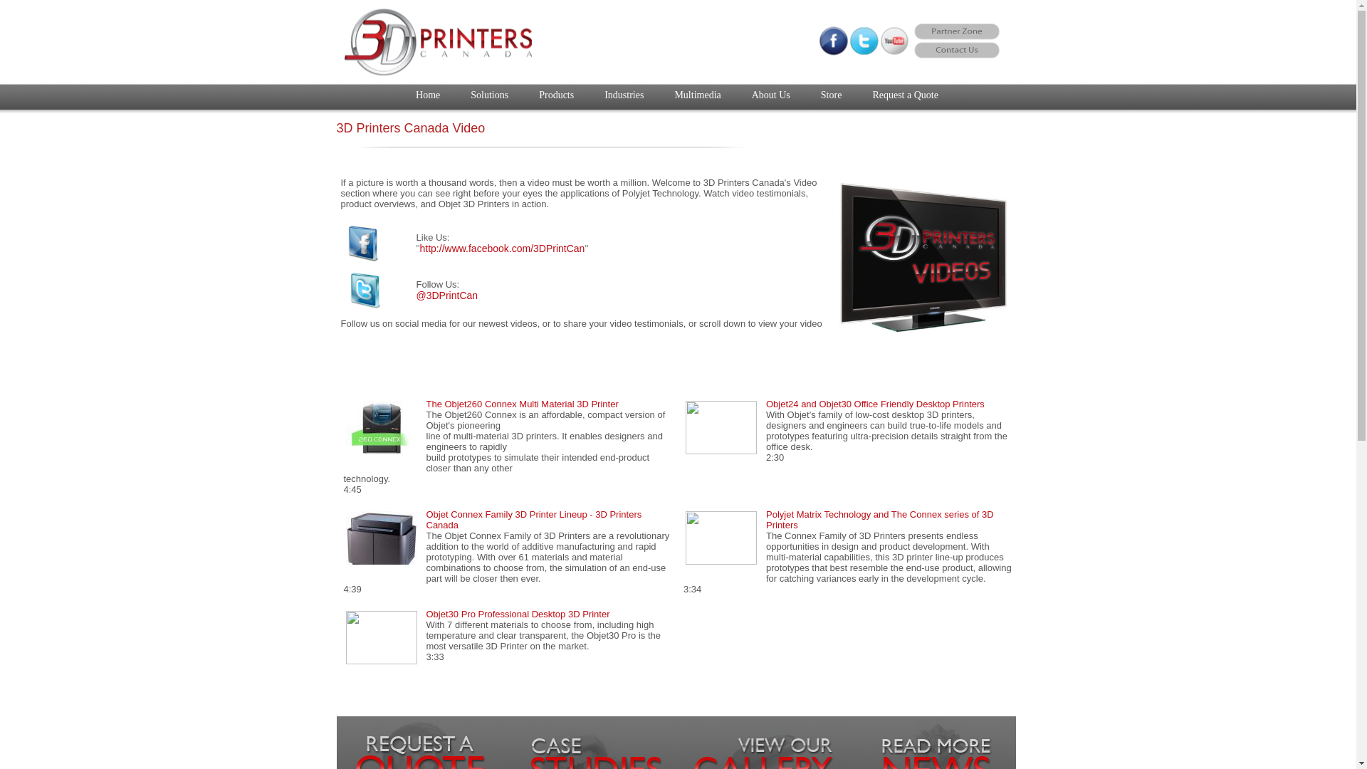  Describe the element at coordinates (426, 95) in the screenshot. I see `'Home'` at that location.